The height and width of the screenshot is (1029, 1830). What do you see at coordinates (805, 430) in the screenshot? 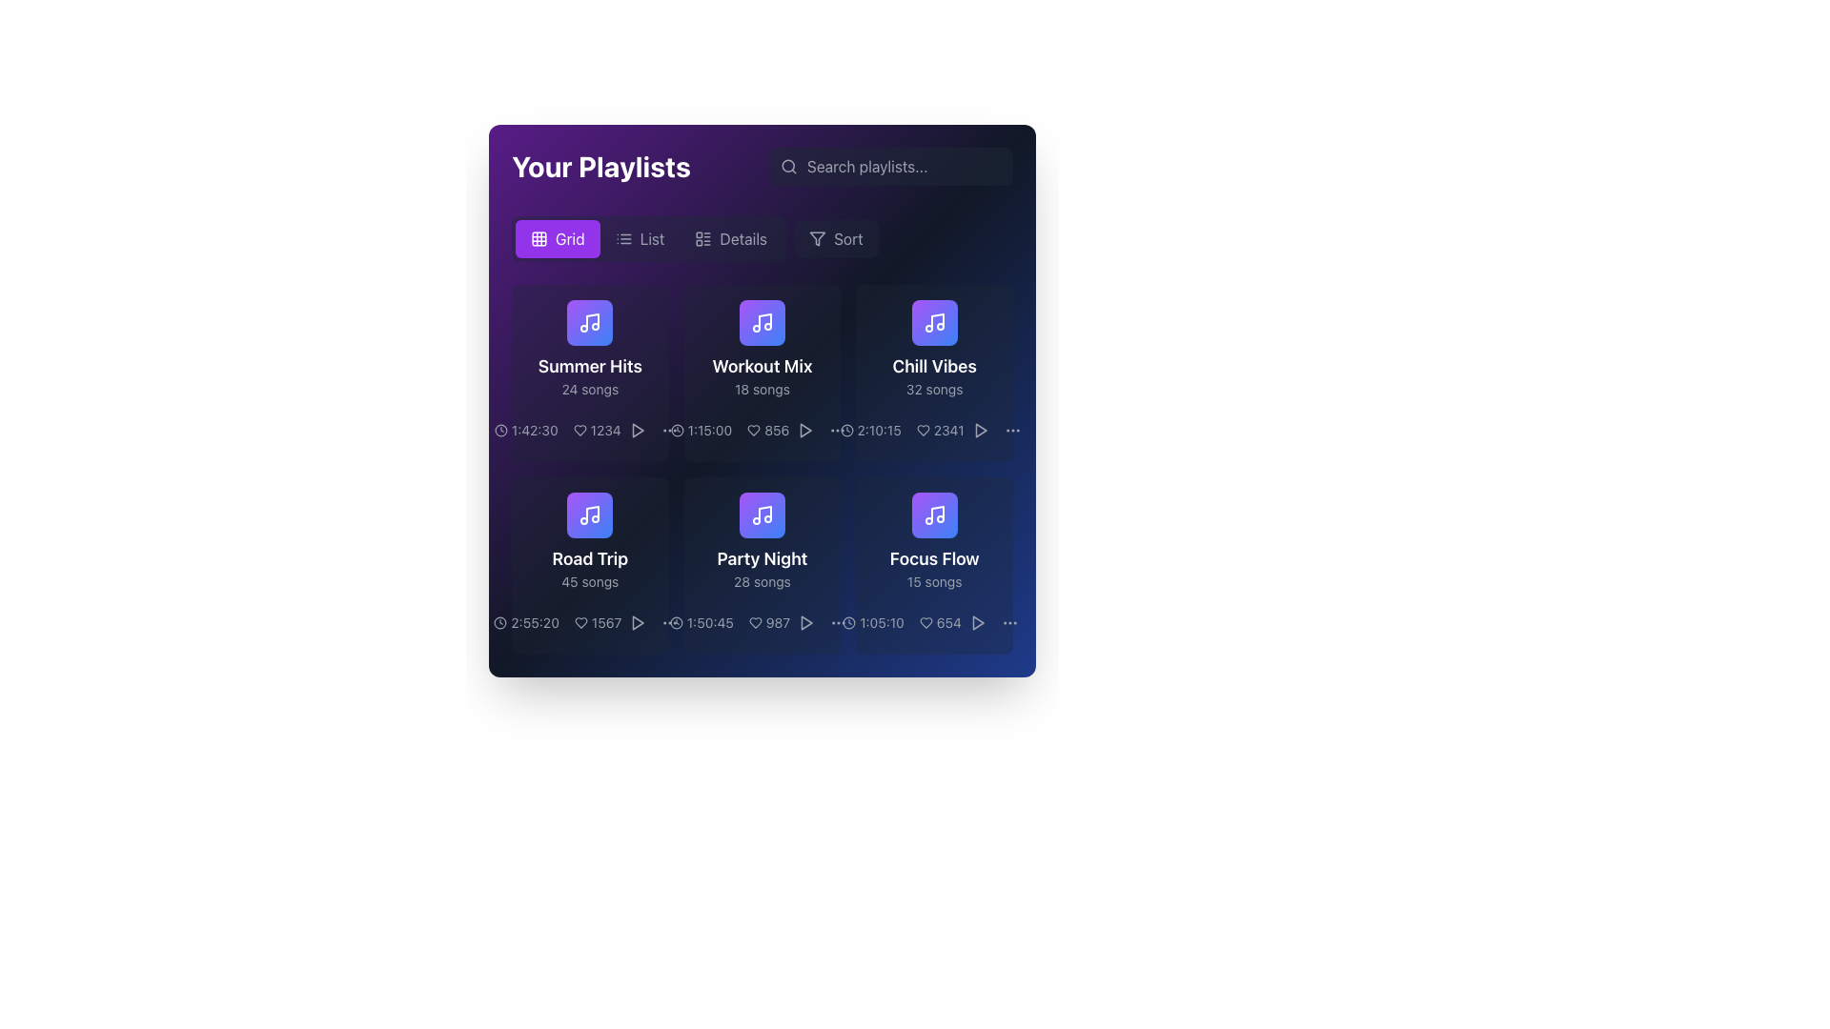
I see `the Play button icon located below the 'Workout Mix' card in the playlist grid` at bounding box center [805, 430].